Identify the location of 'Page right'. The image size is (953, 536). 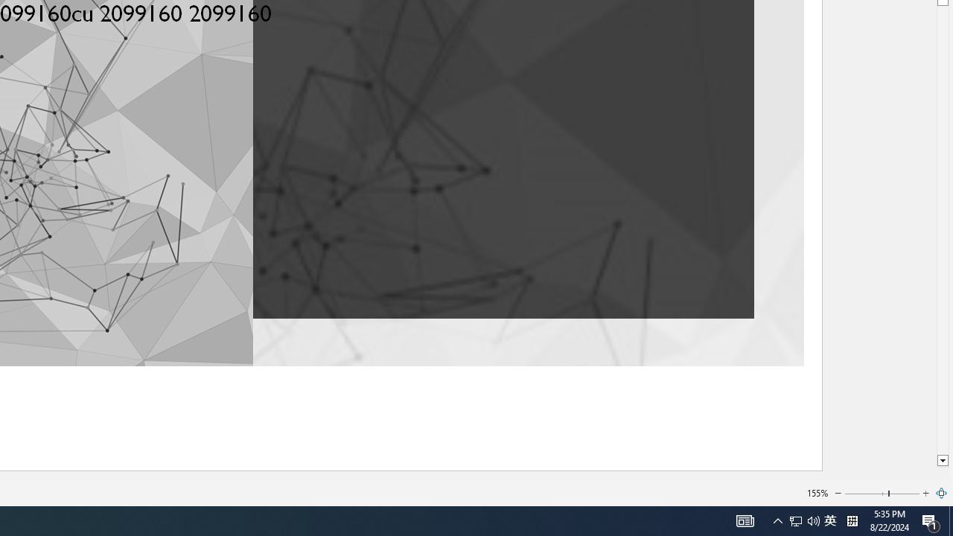
(904, 494).